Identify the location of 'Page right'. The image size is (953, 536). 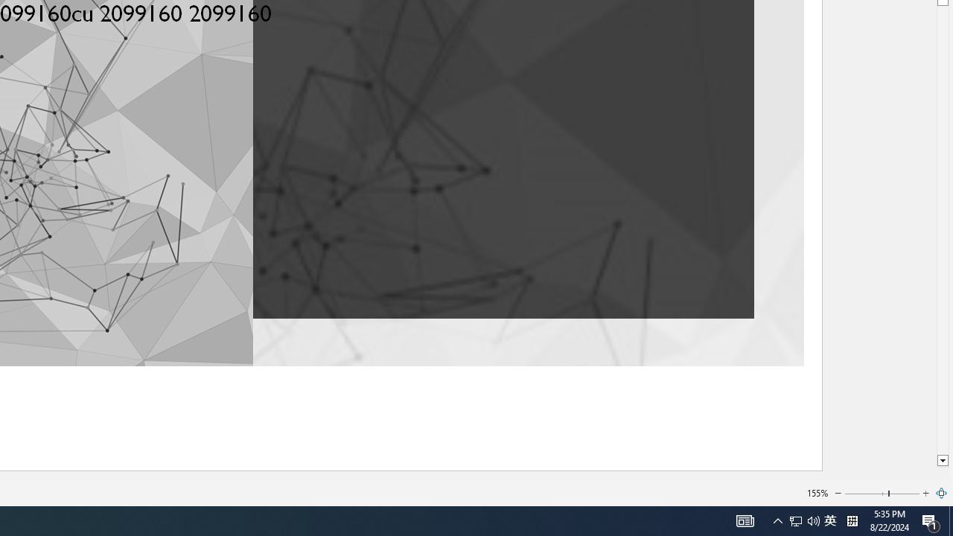
(904, 494).